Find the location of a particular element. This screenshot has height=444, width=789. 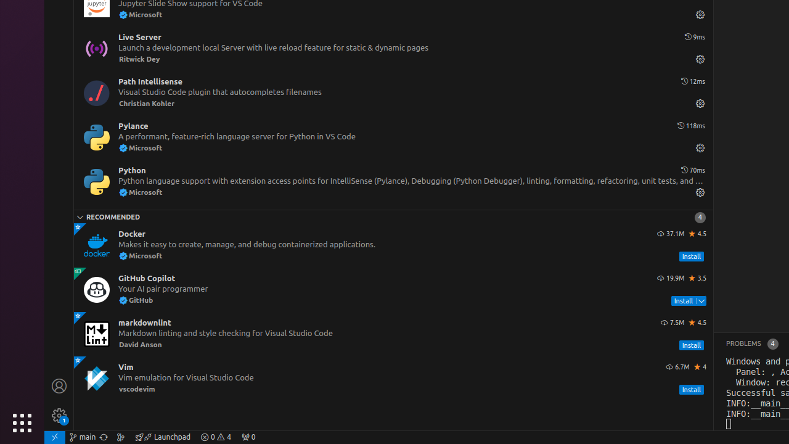

'rocket gitlens-unplug Launchpad, GitLens Launchpad ᴘʀᴇᴠɪᴇᴡ    &mdash;    [$(question)](command:gitlens.launchpad.indicator.action?%22info%22 "What is this?") [$(gear)](command:workbench.action.openSettings?%22gitlens.launchpad%22 "Settings")  |  [$(circle-slash) Hide](command:gitlens.launchpad.indicator.action?%22hide%22 "Hide") --- [Launchpad](command:gitlens.launchpad.indicator.action?%info%22 "Learn about Launchpad") organizes your pull requests into actionable groups to help you focus and keep your team unblocked. It' is located at coordinates (162, 436).